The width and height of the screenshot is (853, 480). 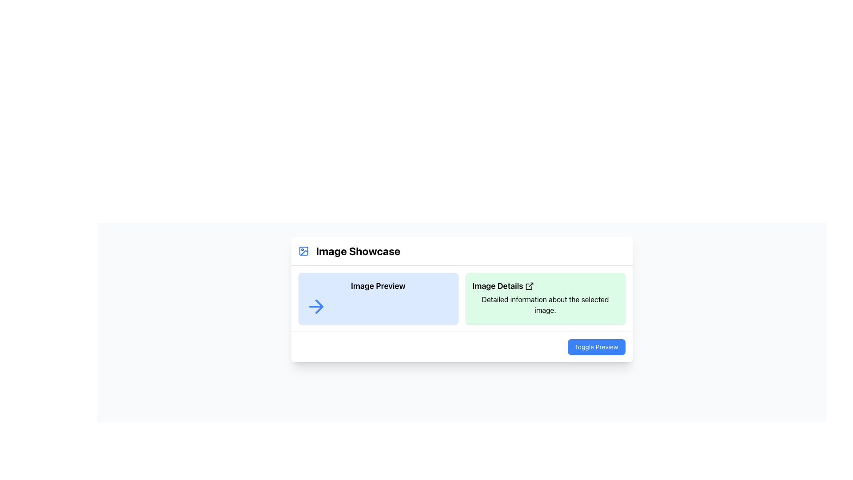 What do you see at coordinates (529, 287) in the screenshot?
I see `the stylized outline resembling a window in the upper-right corner of the green-colored 'Image Details' box` at bounding box center [529, 287].